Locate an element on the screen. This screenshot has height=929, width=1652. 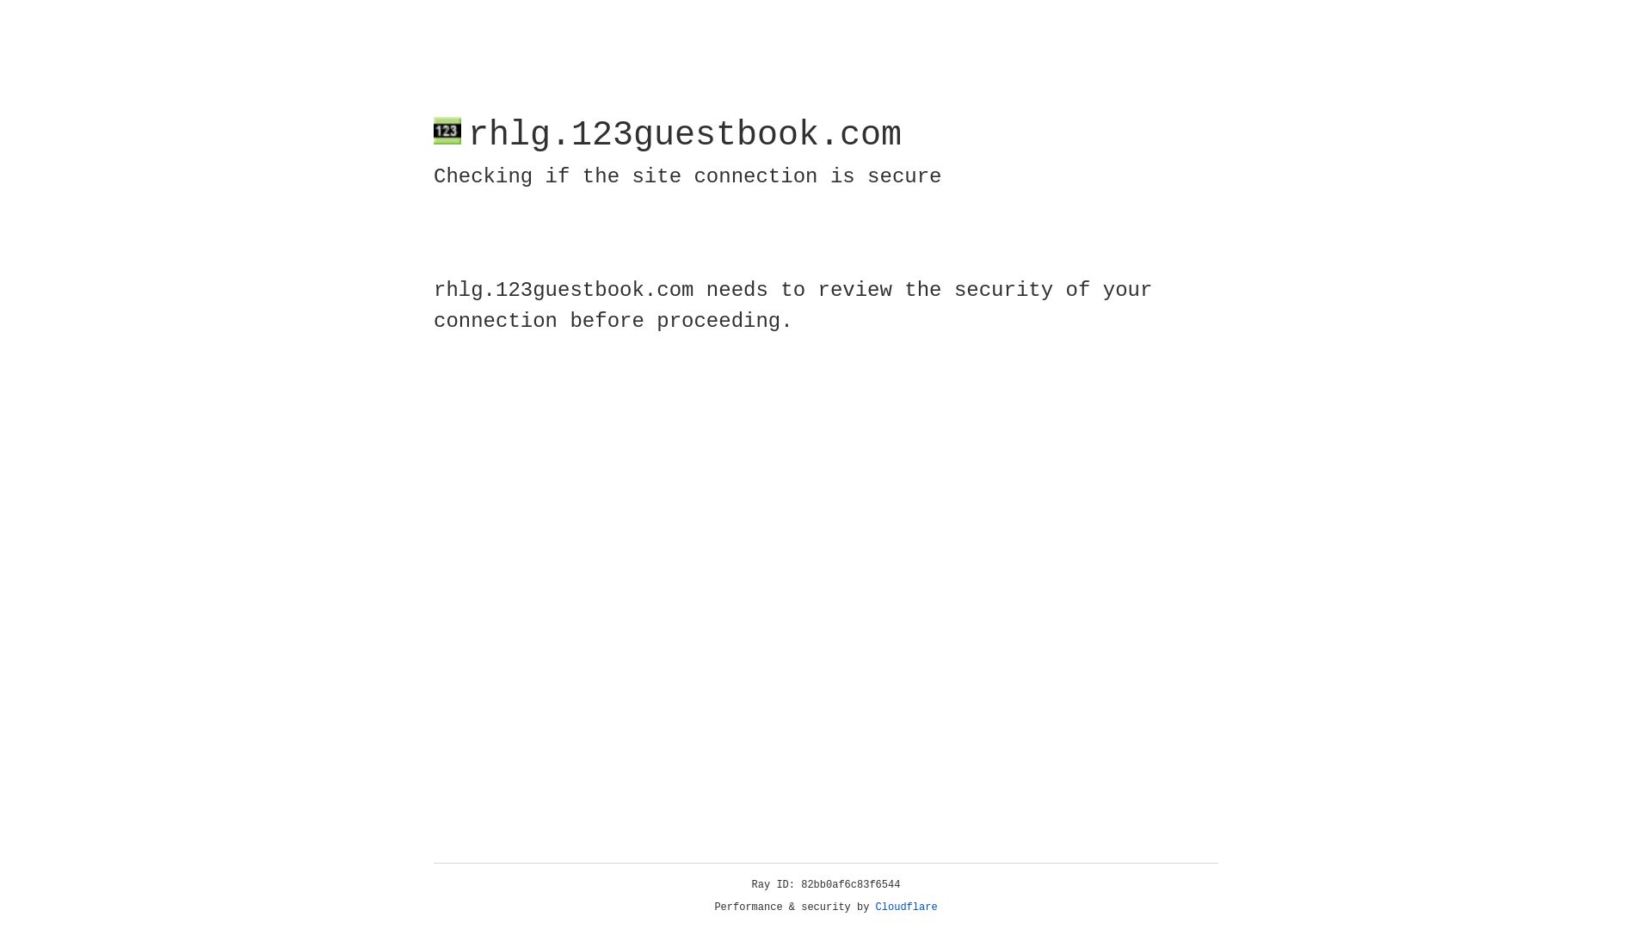
'Cloudflare' is located at coordinates (906, 907).